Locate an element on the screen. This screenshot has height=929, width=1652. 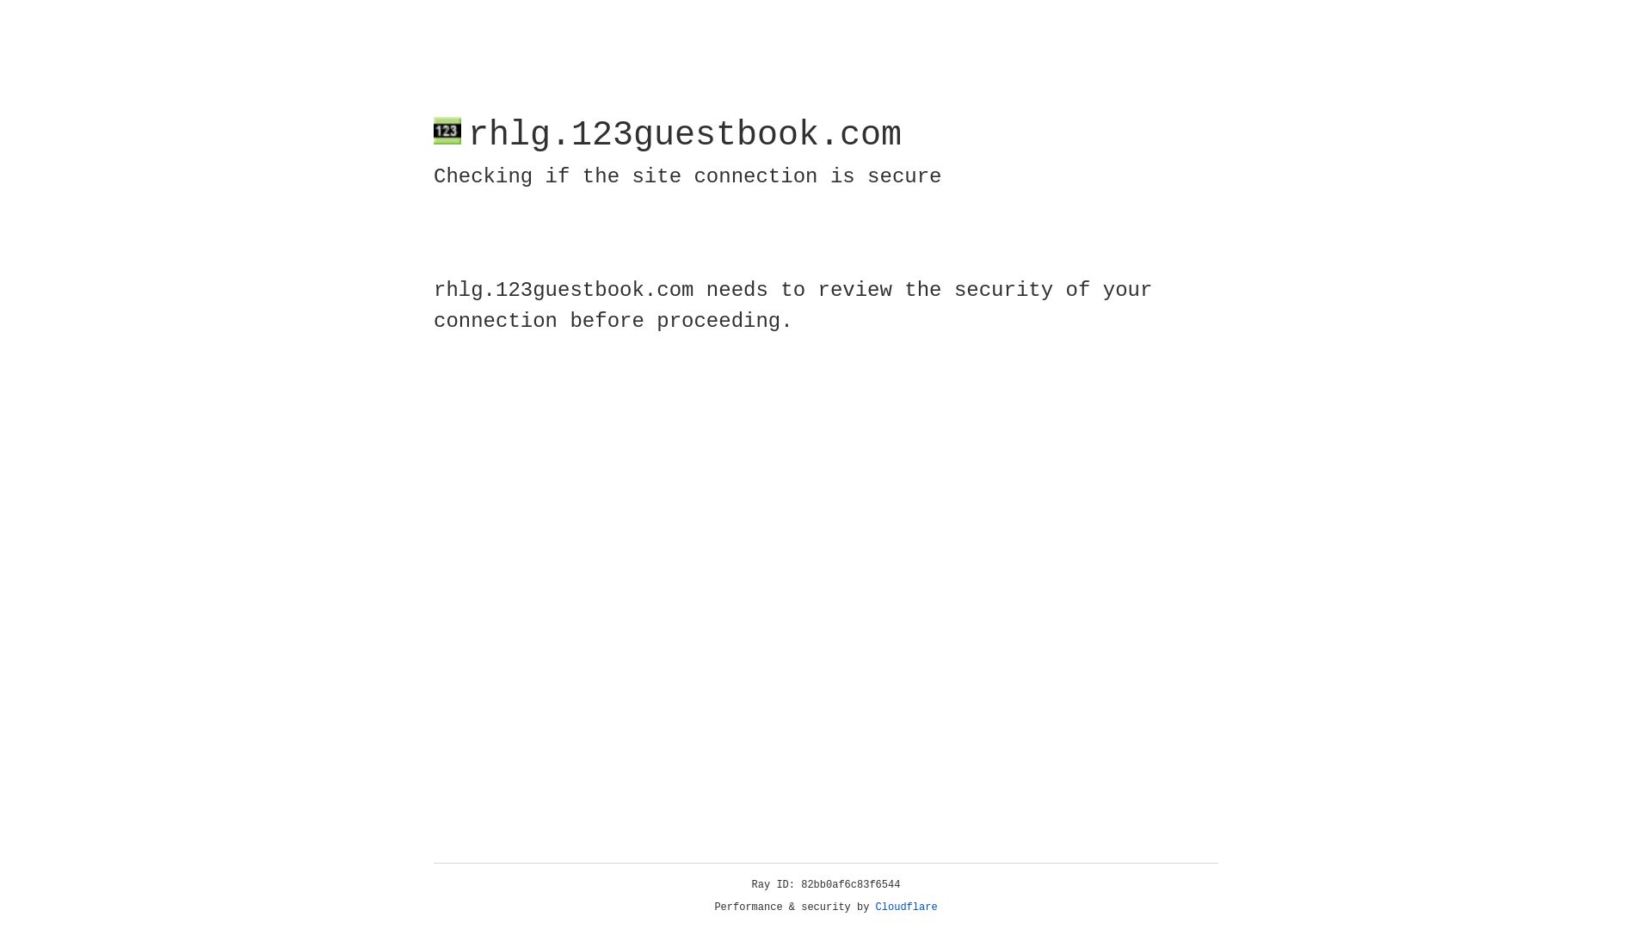
'Cloudflare' is located at coordinates (906, 907).